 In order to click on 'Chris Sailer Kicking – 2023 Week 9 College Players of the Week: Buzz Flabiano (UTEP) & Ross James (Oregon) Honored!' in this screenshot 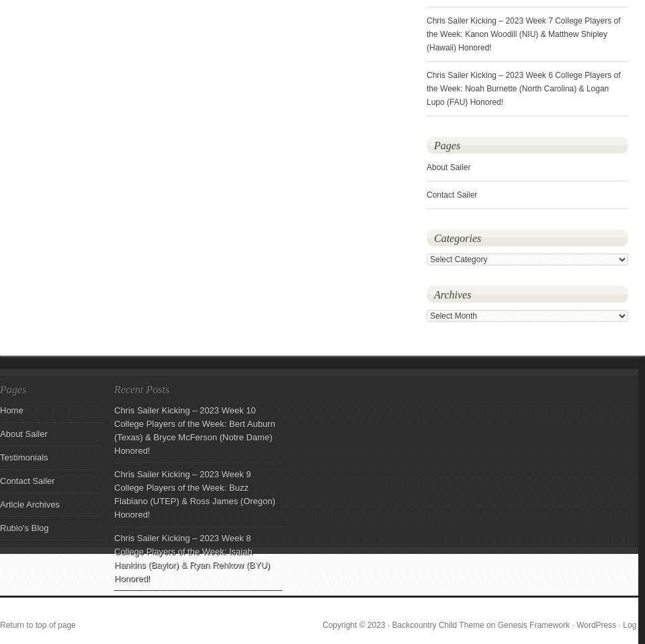, I will do `click(114, 494)`.